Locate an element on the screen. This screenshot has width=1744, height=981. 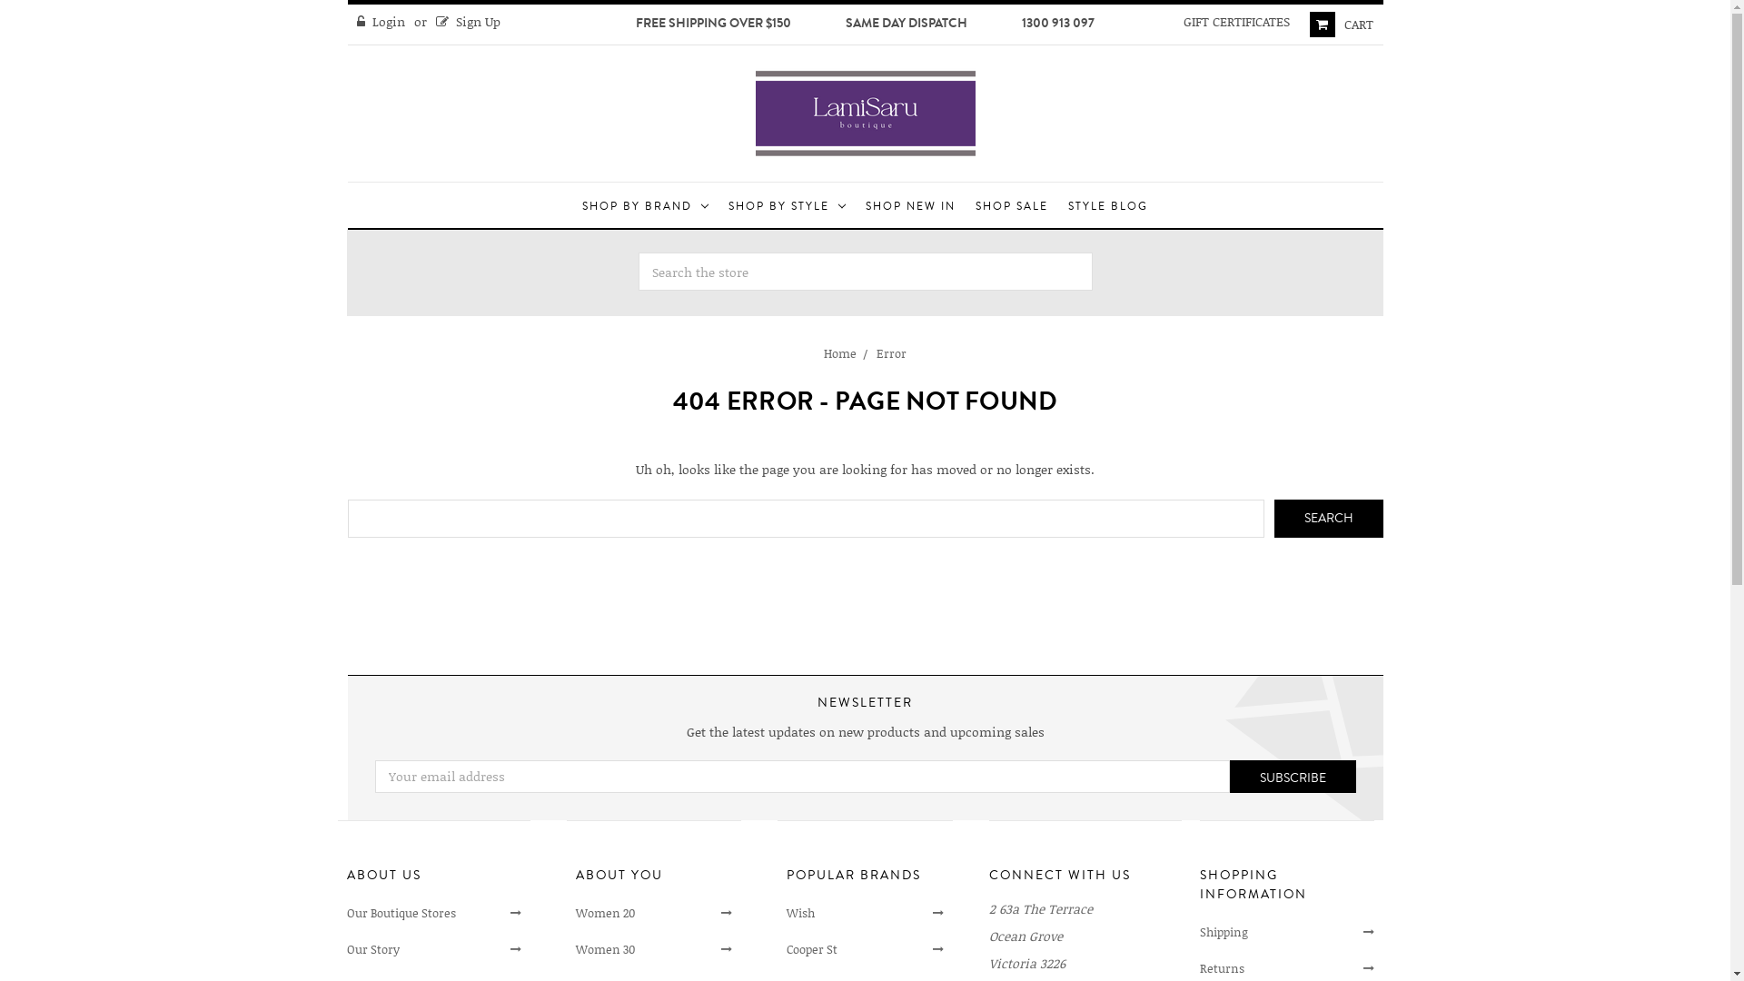
'Error' is located at coordinates (891, 353).